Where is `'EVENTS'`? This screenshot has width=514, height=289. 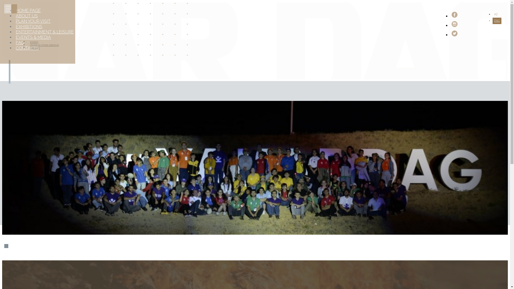
'EVENTS' is located at coordinates (34, 42).